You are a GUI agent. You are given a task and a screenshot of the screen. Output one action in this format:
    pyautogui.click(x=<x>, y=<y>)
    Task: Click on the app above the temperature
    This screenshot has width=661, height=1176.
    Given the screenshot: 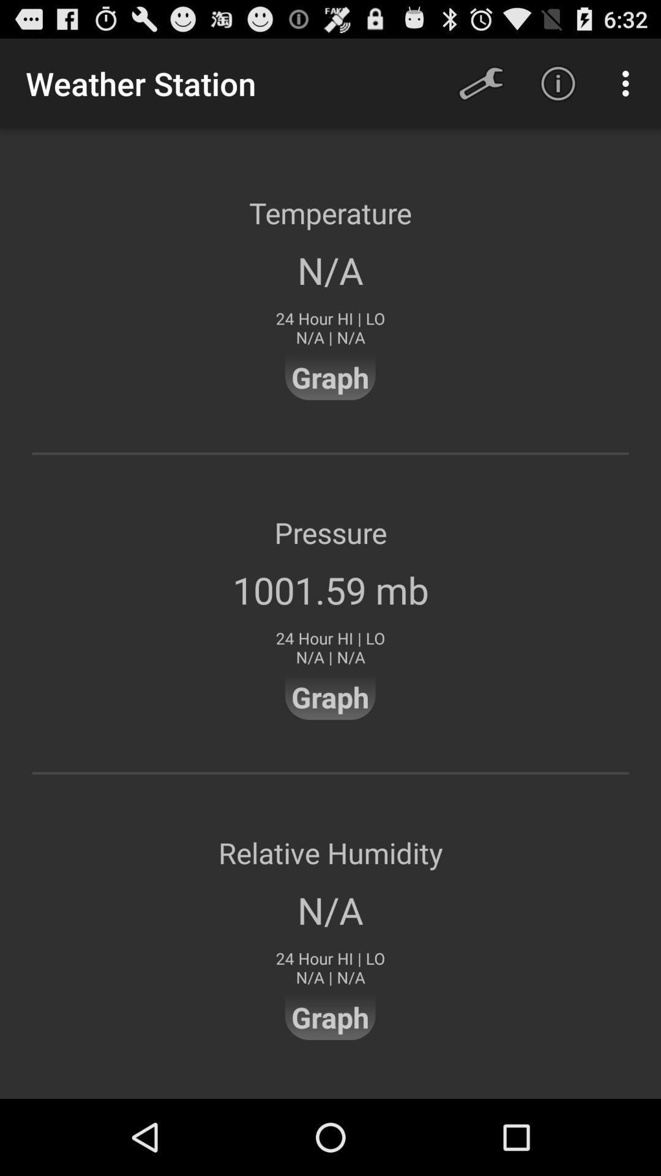 What is the action you would take?
    pyautogui.click(x=629, y=83)
    